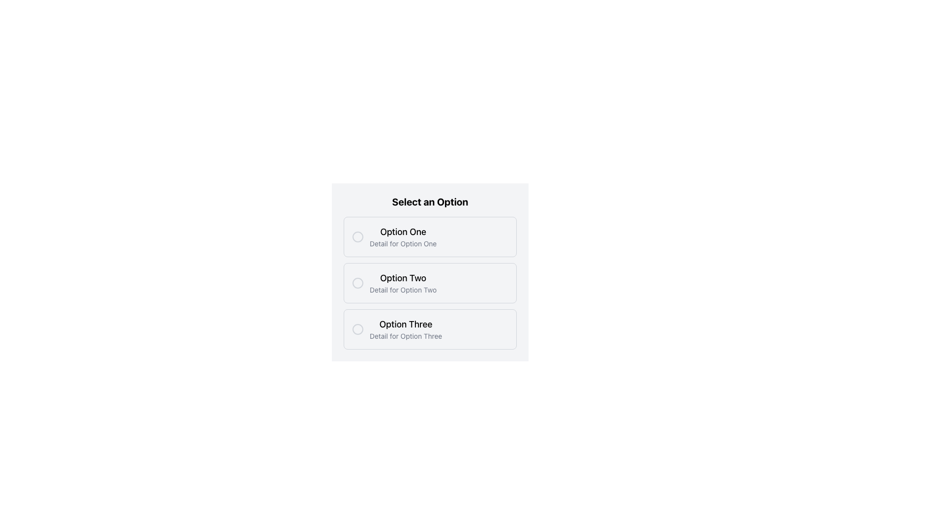 The height and width of the screenshot is (531, 944). Describe the element at coordinates (430, 272) in the screenshot. I see `the Selectable Option Card labeled 'Option Two' which is styled with a light gray background and rounded borders, positioned in the center of a vertical stack of three selectable option cards` at that location.